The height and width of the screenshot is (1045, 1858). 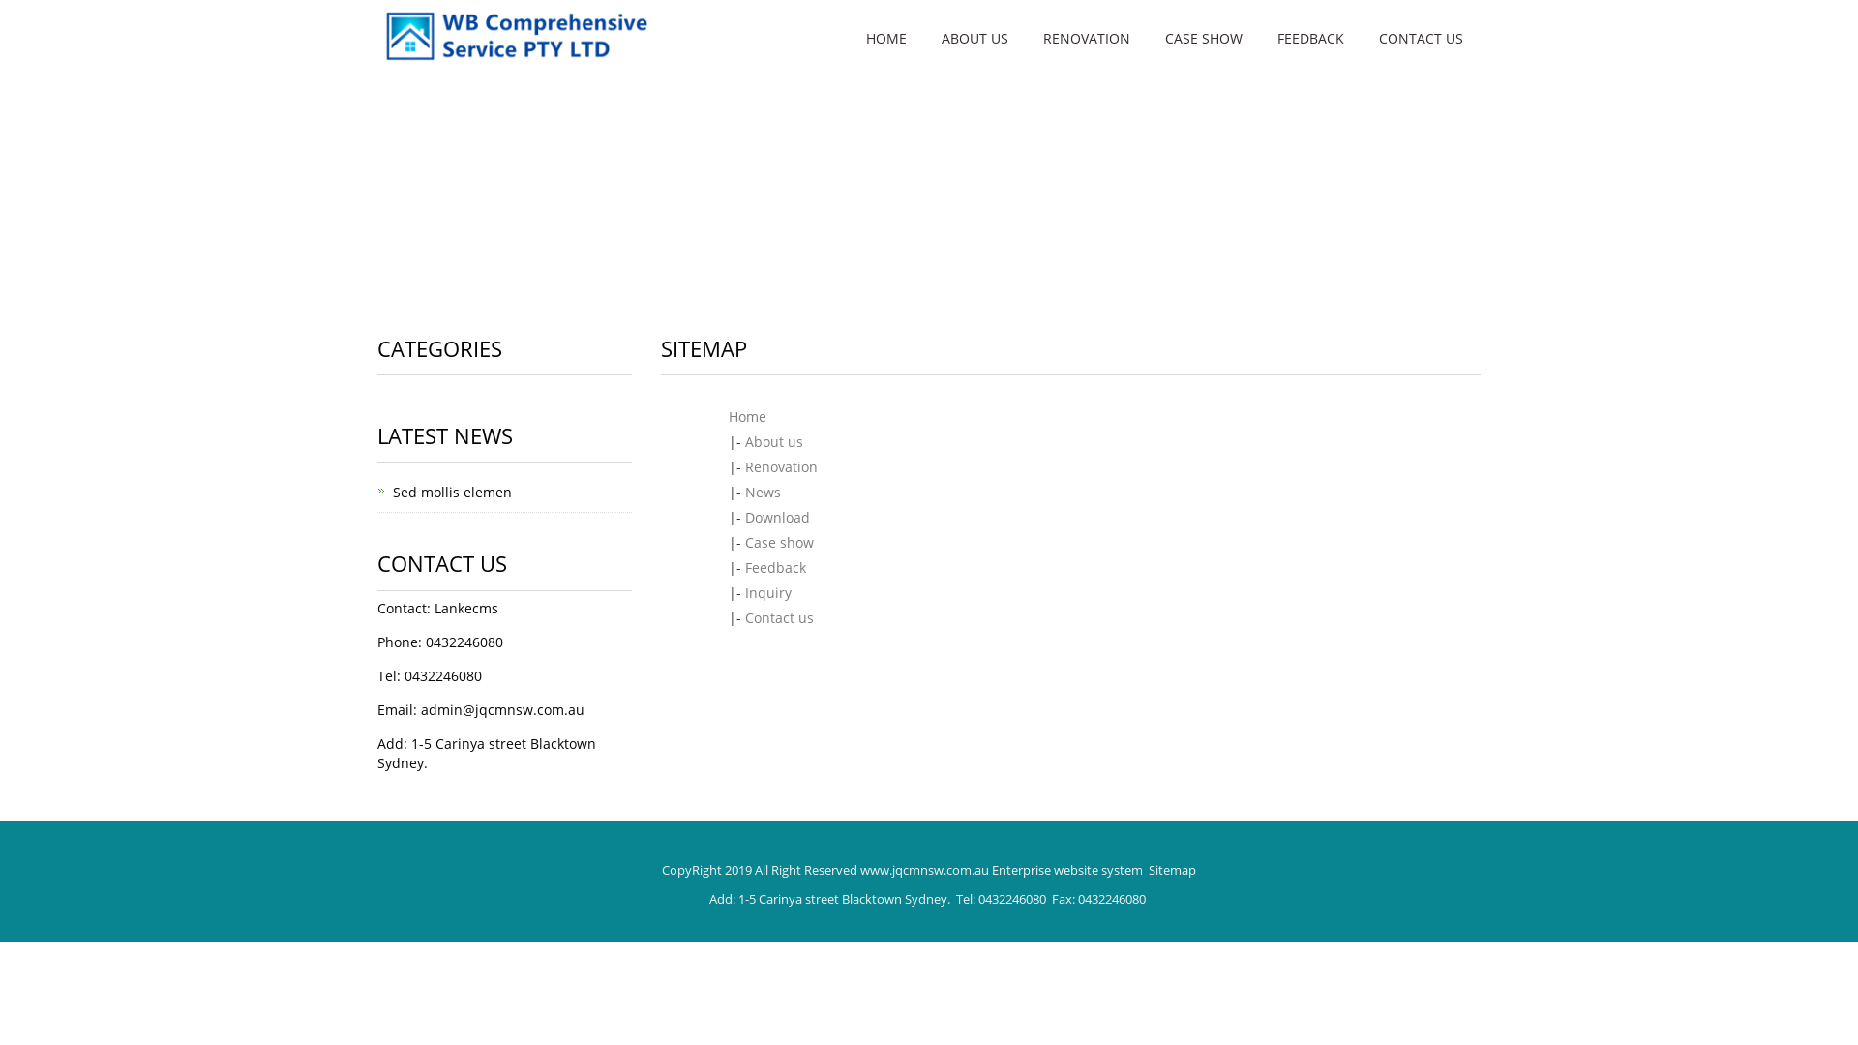 What do you see at coordinates (1087, 38) in the screenshot?
I see `'RENOVATION'` at bounding box center [1087, 38].